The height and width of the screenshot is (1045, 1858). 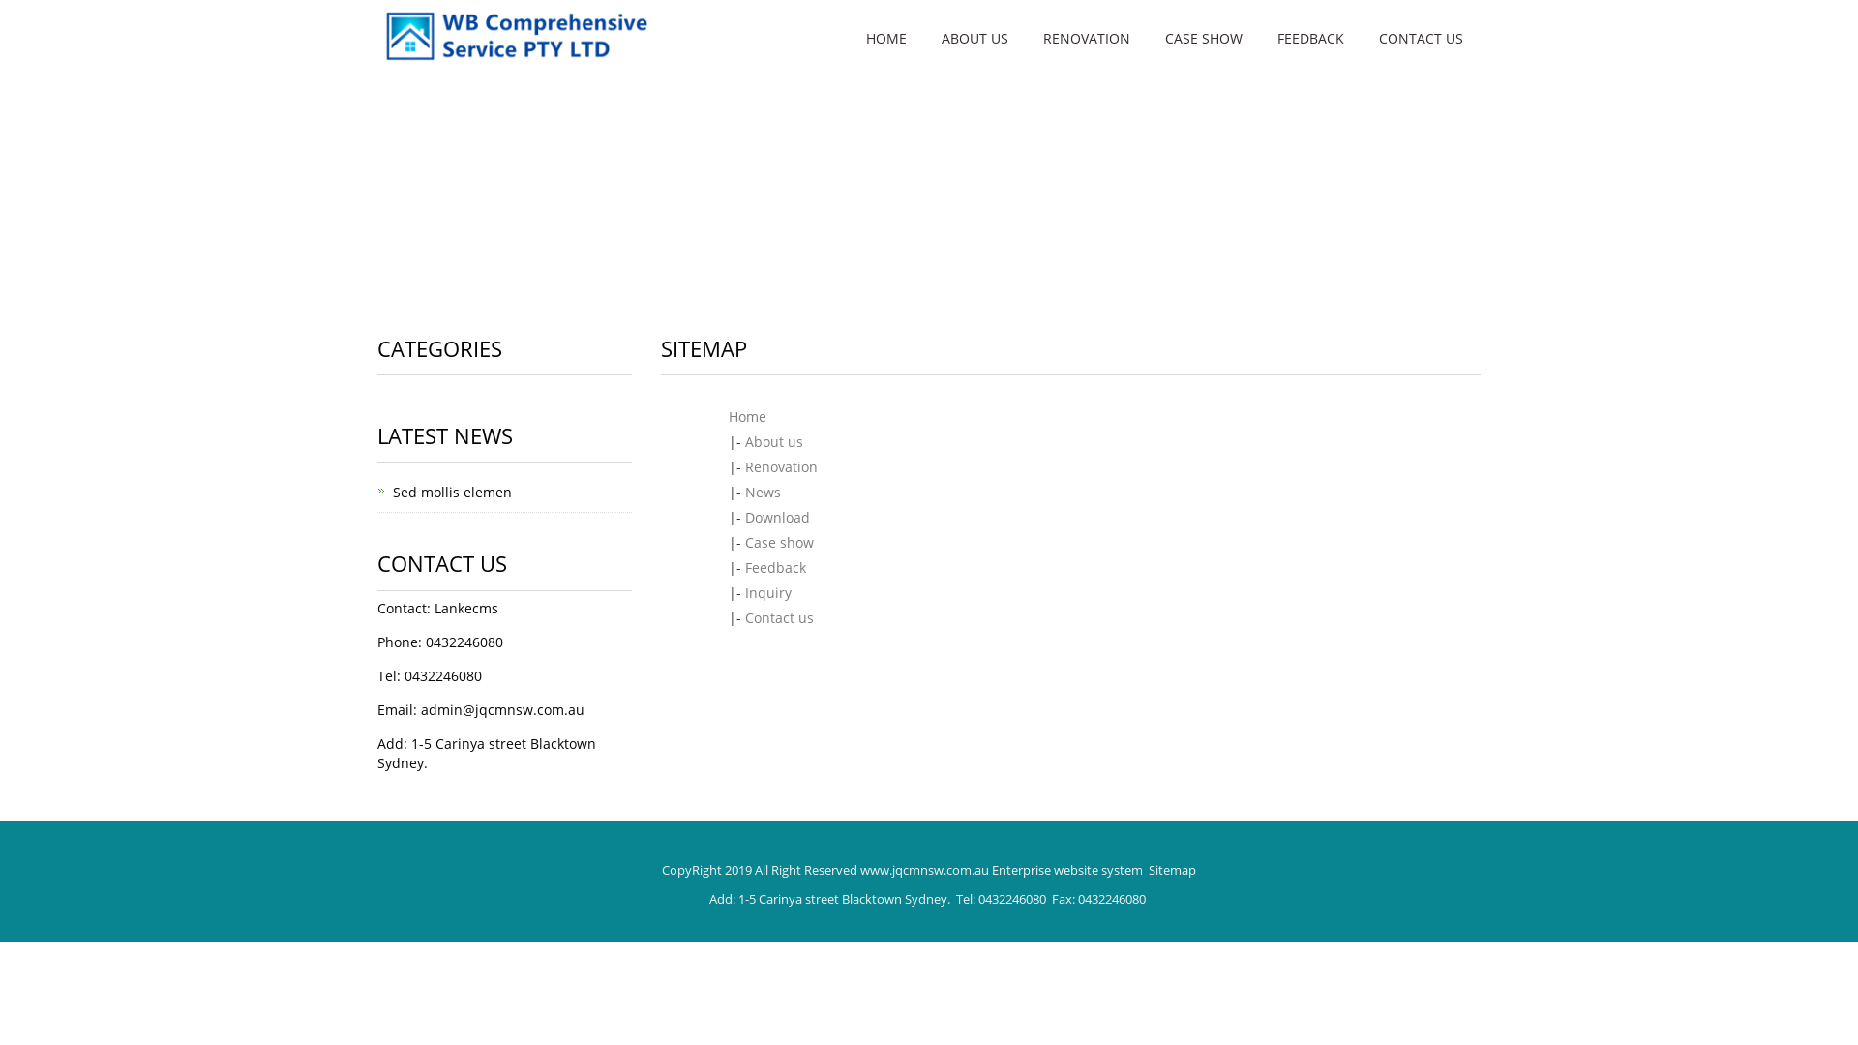 What do you see at coordinates (1087, 38) in the screenshot?
I see `'RENOVATION'` at bounding box center [1087, 38].